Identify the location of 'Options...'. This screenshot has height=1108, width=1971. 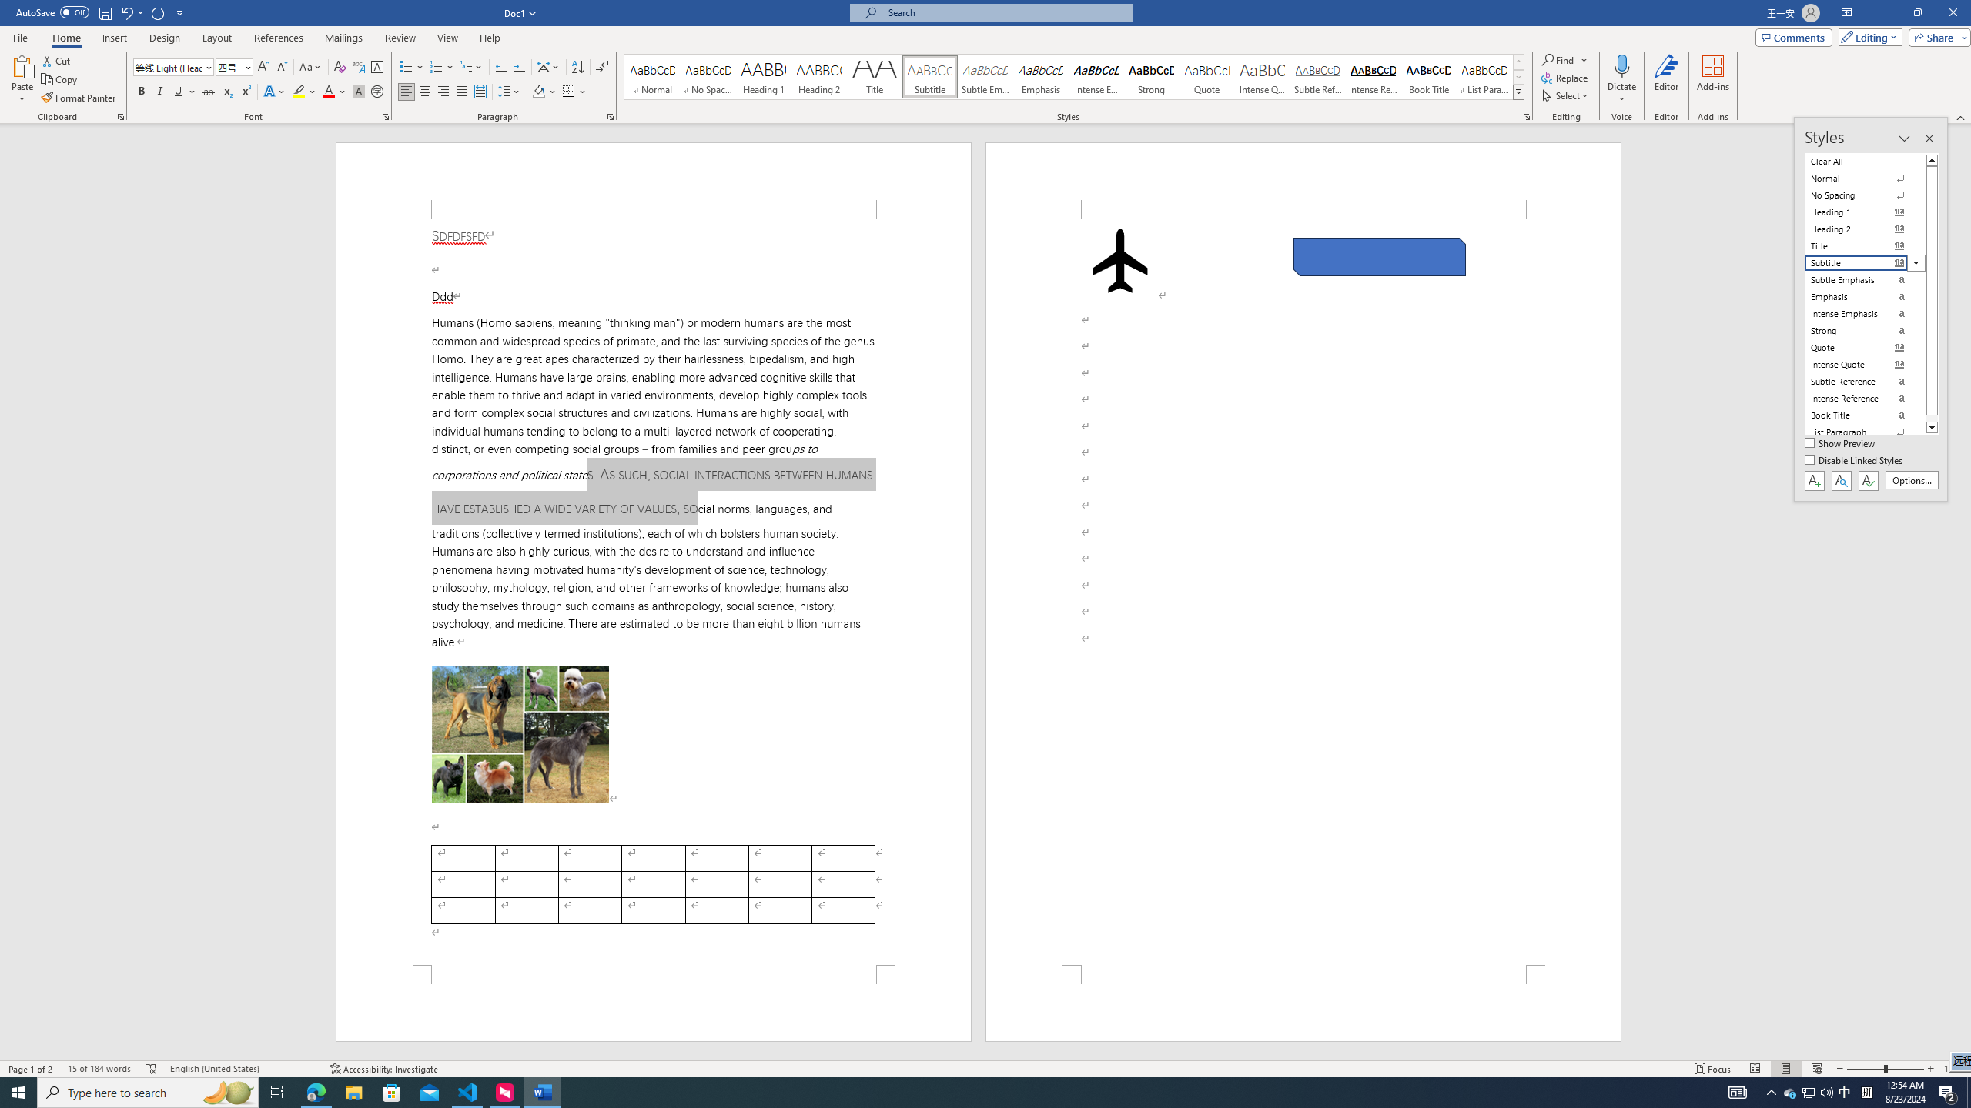
(1912, 480).